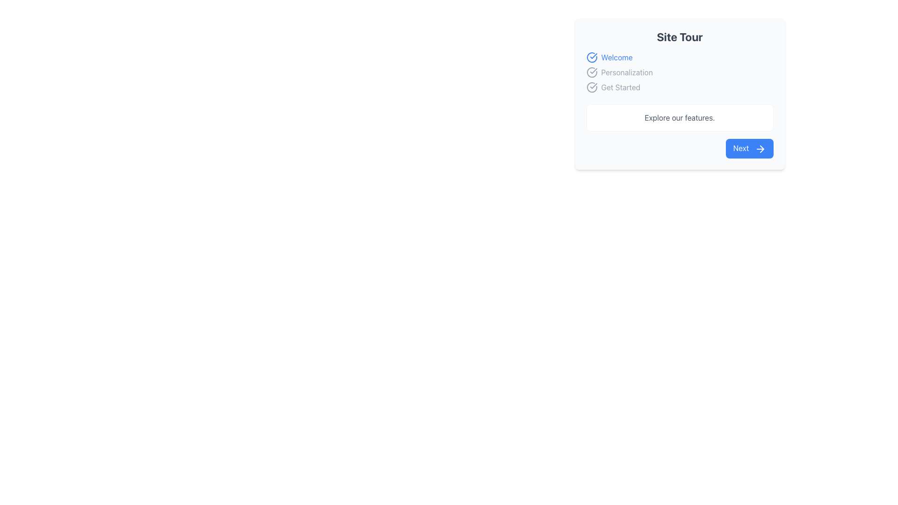 The width and height of the screenshot is (898, 505). Describe the element at coordinates (749, 148) in the screenshot. I see `the navigation button located at the bottom-right corner of the 'Site Tour' white card layout` at that location.